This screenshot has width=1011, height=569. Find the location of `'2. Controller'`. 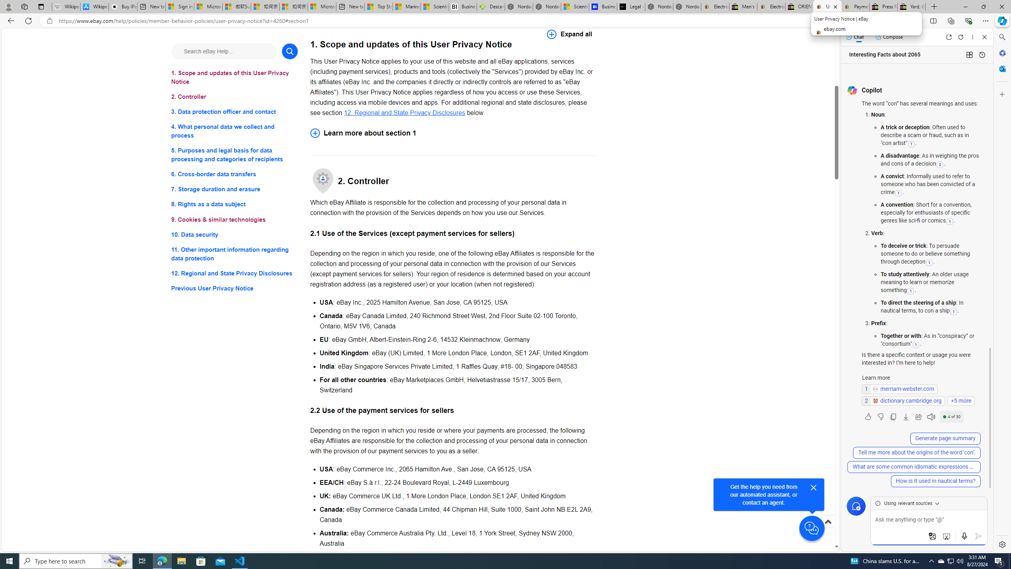

'2. Controller' is located at coordinates (234, 96).